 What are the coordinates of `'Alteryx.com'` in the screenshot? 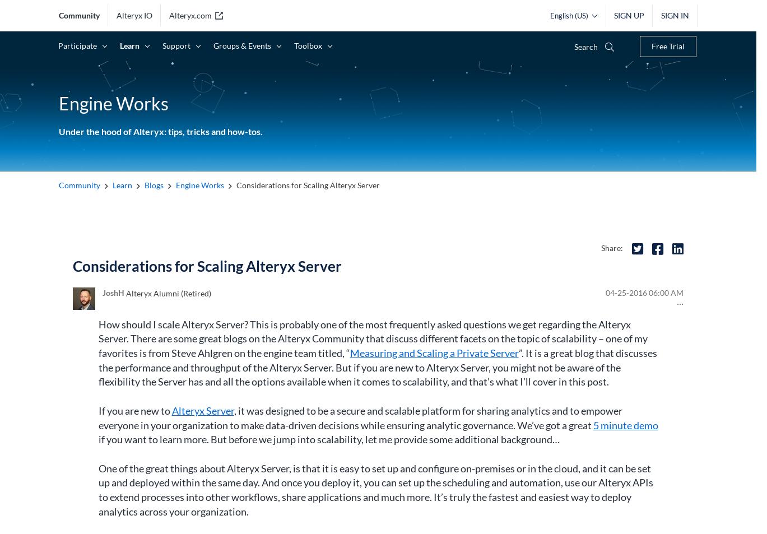 It's located at (190, 15).